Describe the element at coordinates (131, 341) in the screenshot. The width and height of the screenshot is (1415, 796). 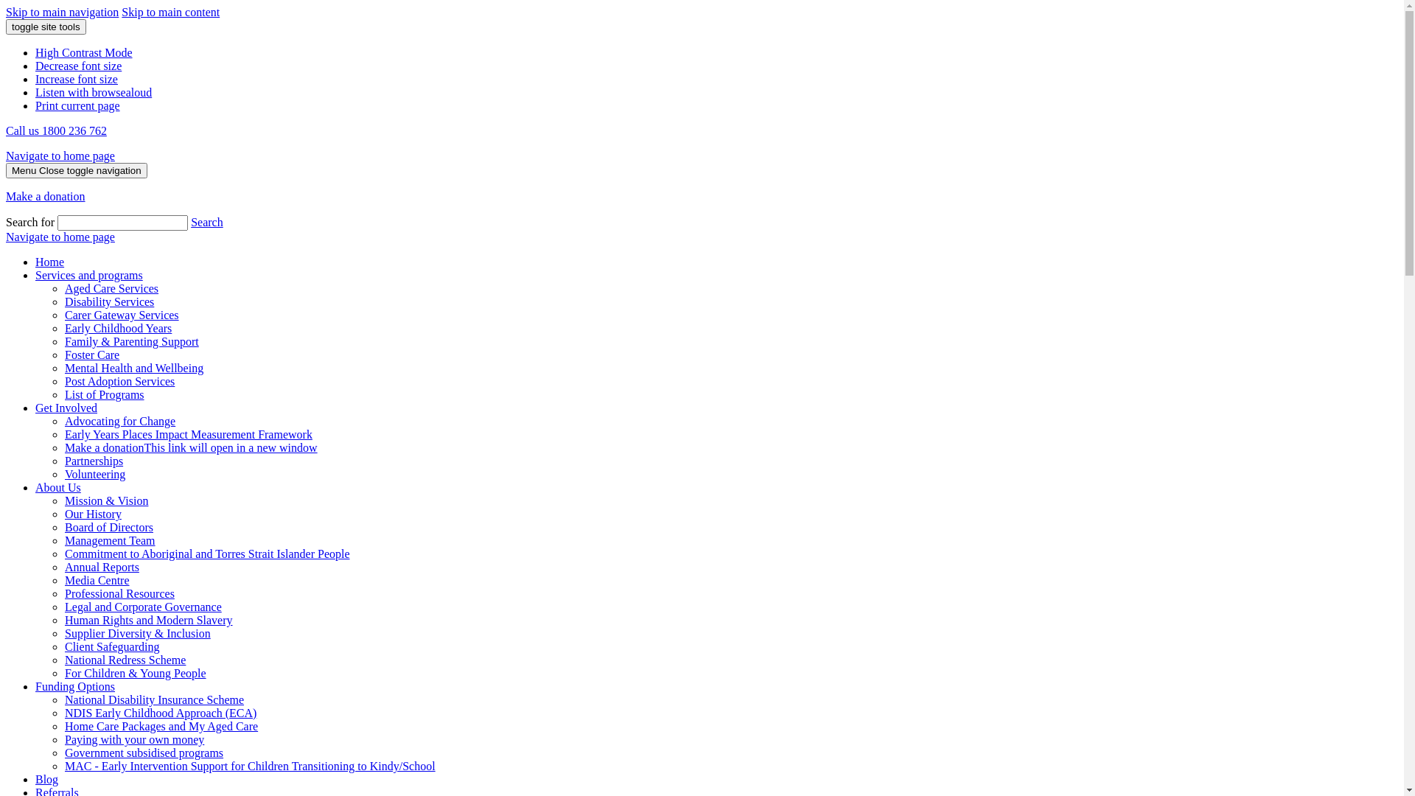
I see `'Family & Parenting Support'` at that location.